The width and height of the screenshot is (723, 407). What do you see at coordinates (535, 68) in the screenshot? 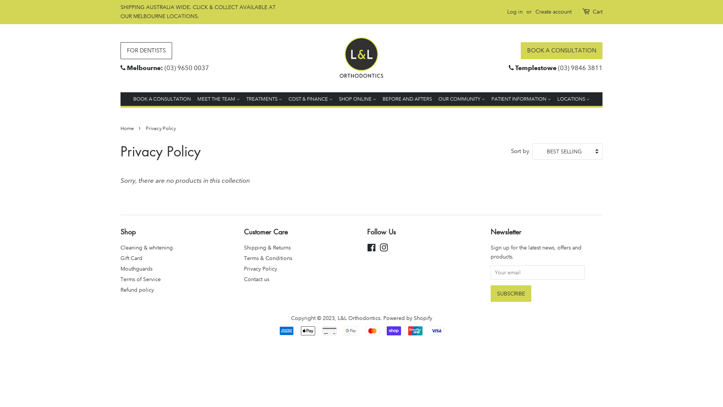
I see `'Templestowe'` at bounding box center [535, 68].